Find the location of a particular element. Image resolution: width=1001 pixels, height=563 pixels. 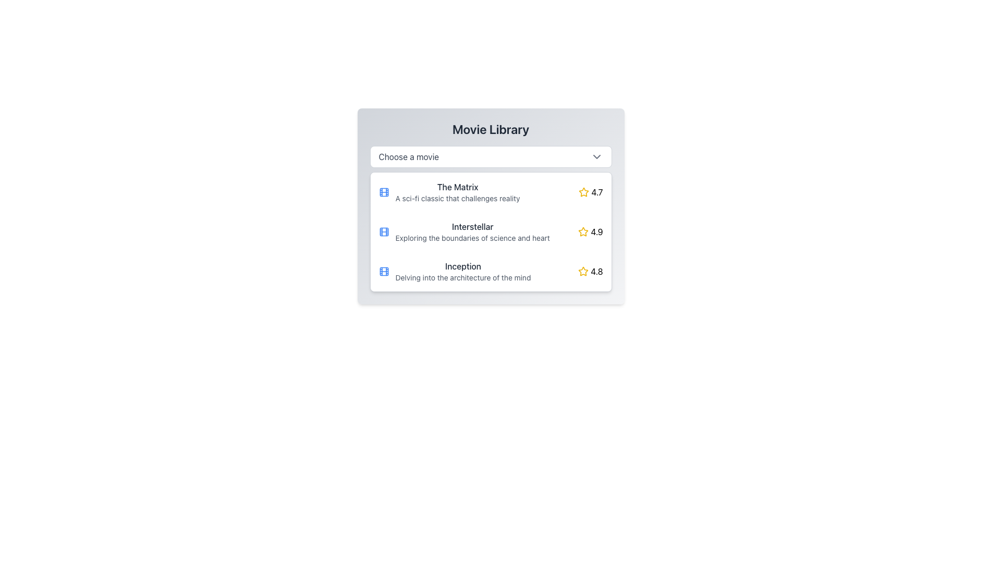

and understand the numerical rating (4.7) displayed in the Text label for the movie "The Matrix", which is located to the right of the star icon in the first list item of the movie ratings is located at coordinates (597, 192).